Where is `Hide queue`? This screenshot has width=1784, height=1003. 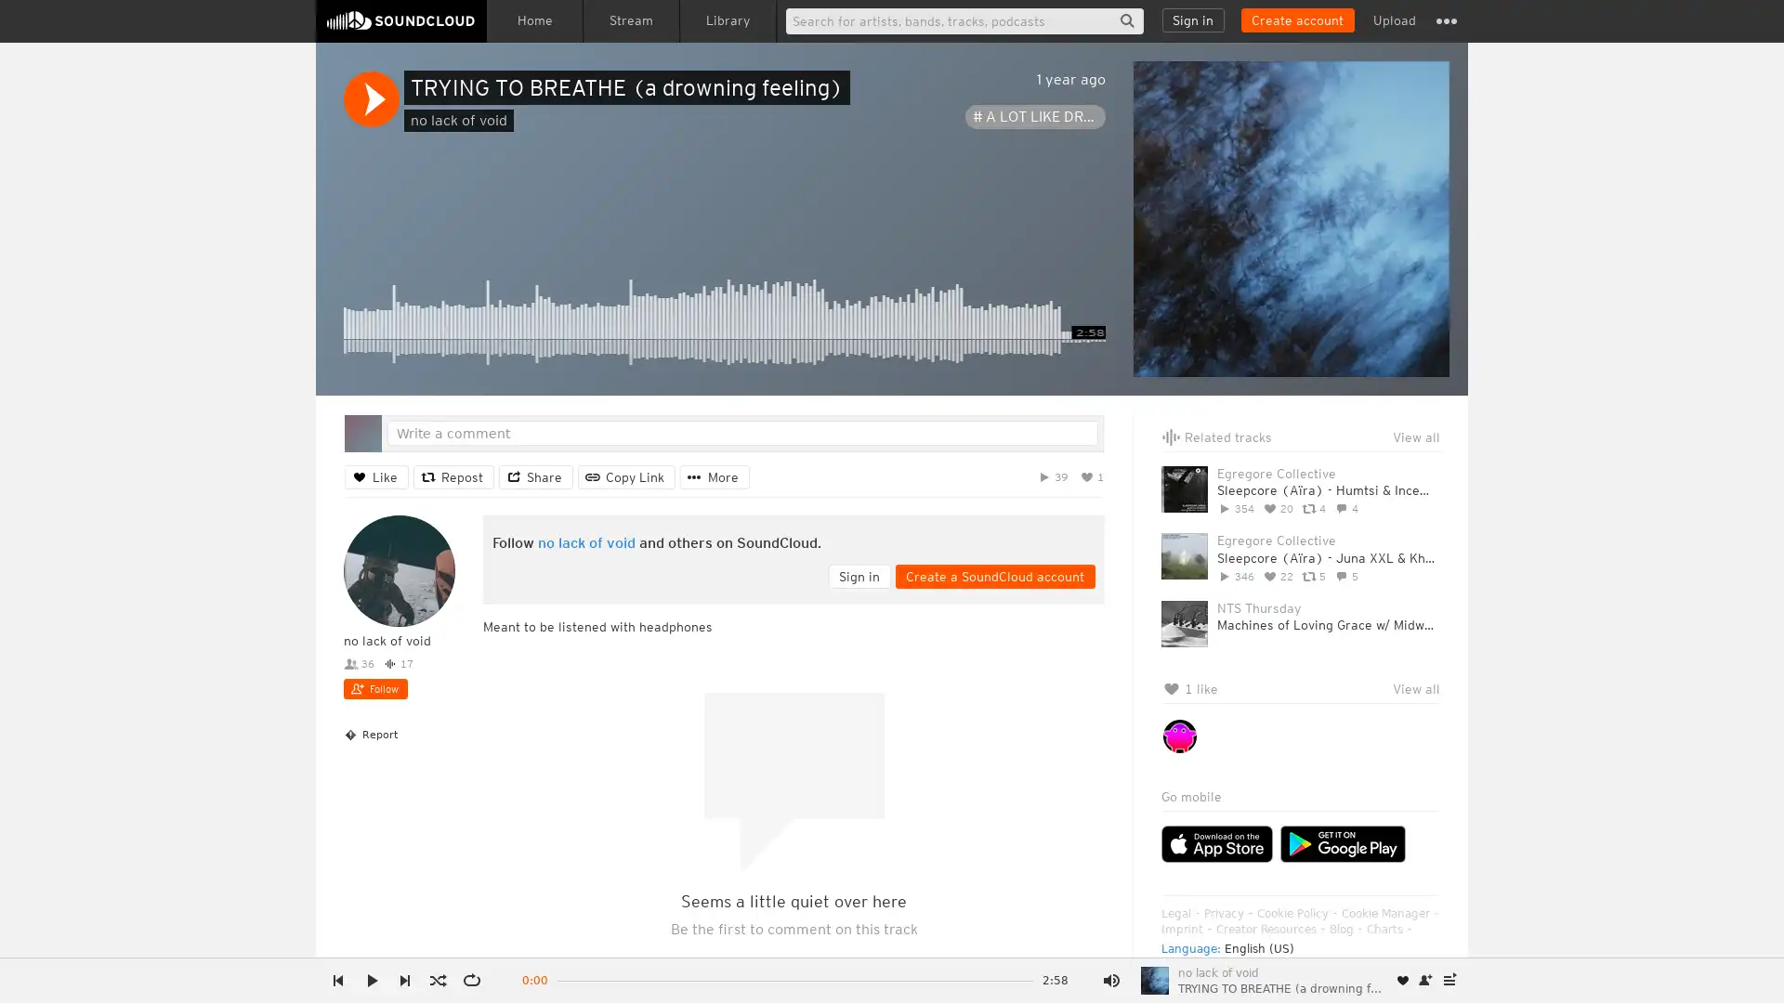 Hide queue is located at coordinates (1427, 461).